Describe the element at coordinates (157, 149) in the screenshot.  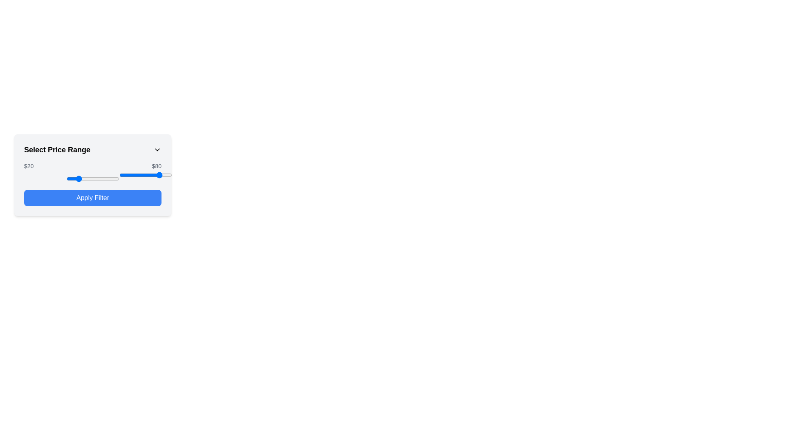
I see `the downward chevron icon located at the top-right of the 'Select Price Range' header` at that location.